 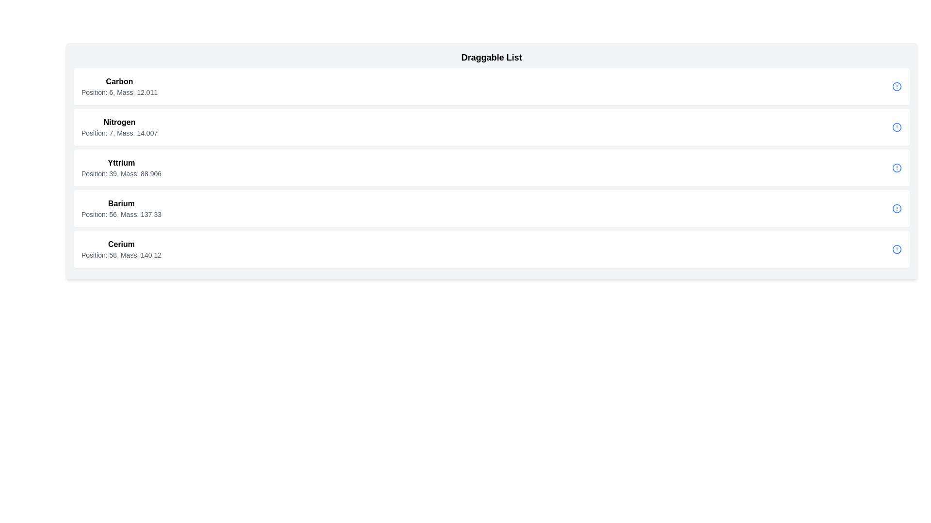 What do you see at coordinates (121, 214) in the screenshot?
I see `text content of the Text Display showing 'Position: 56, Mass: 137.33' located below the title 'Barium'` at bounding box center [121, 214].